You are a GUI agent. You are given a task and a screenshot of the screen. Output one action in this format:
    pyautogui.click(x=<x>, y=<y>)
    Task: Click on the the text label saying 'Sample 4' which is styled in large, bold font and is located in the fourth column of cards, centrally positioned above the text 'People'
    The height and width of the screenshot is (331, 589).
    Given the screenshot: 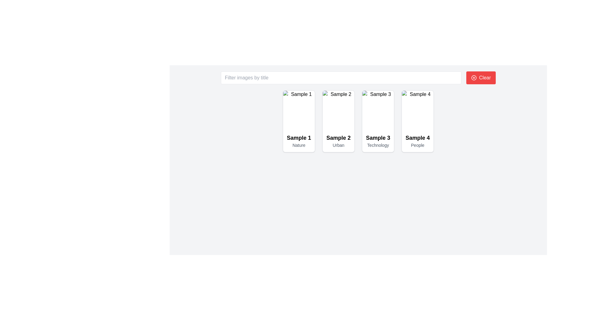 What is the action you would take?
    pyautogui.click(x=417, y=138)
    